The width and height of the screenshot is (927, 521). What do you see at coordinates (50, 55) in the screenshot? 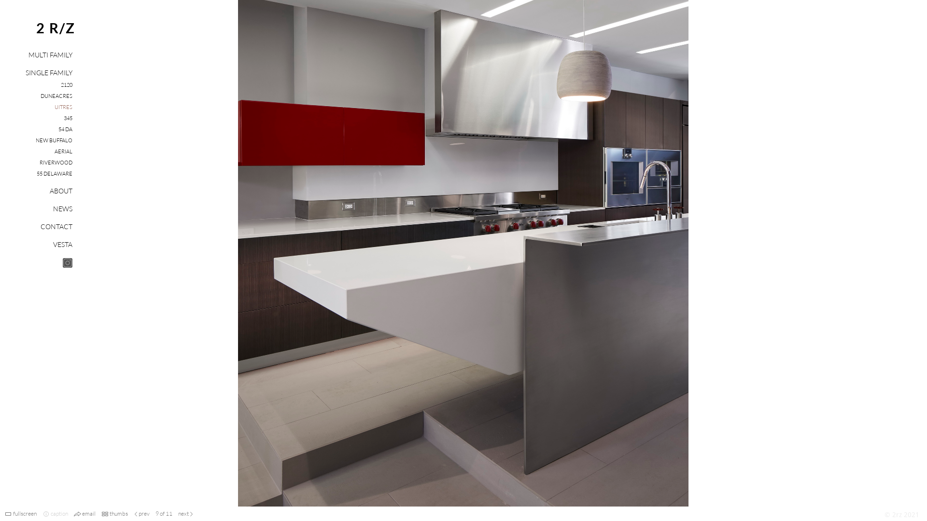
I see `'MULTI FAMILY'` at bounding box center [50, 55].